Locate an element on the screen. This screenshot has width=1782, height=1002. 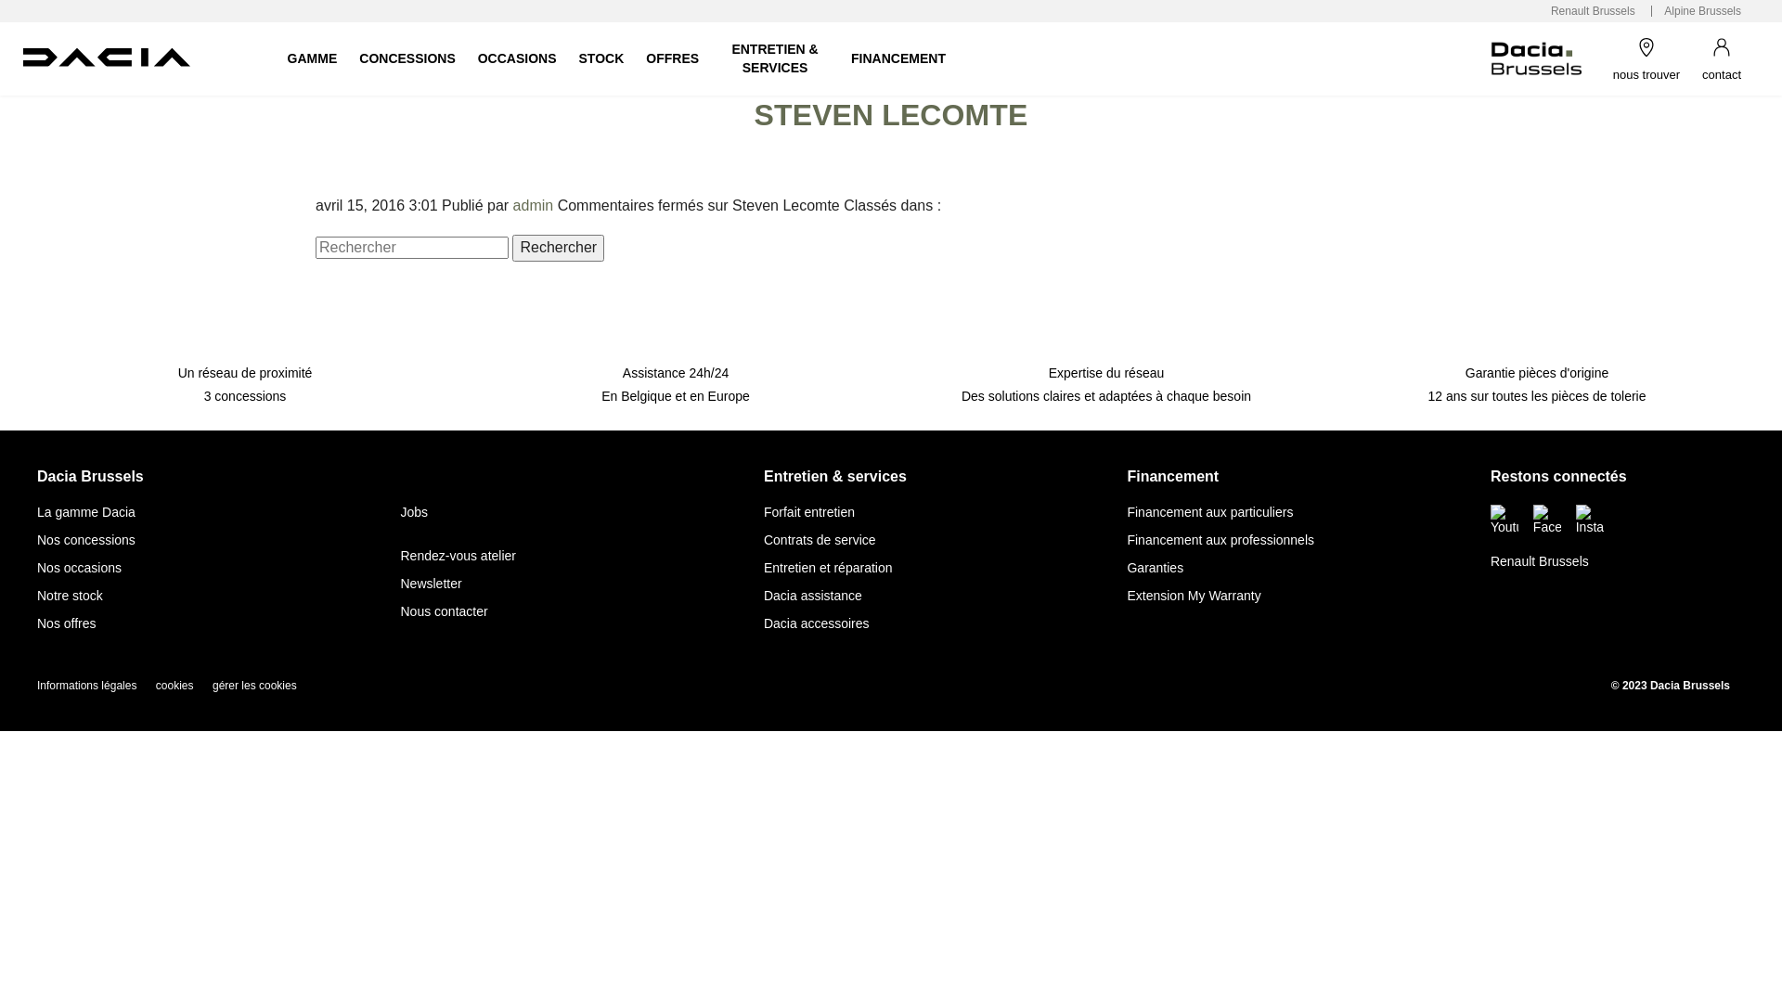
'Renault Brussels' is located at coordinates (1592, 11).